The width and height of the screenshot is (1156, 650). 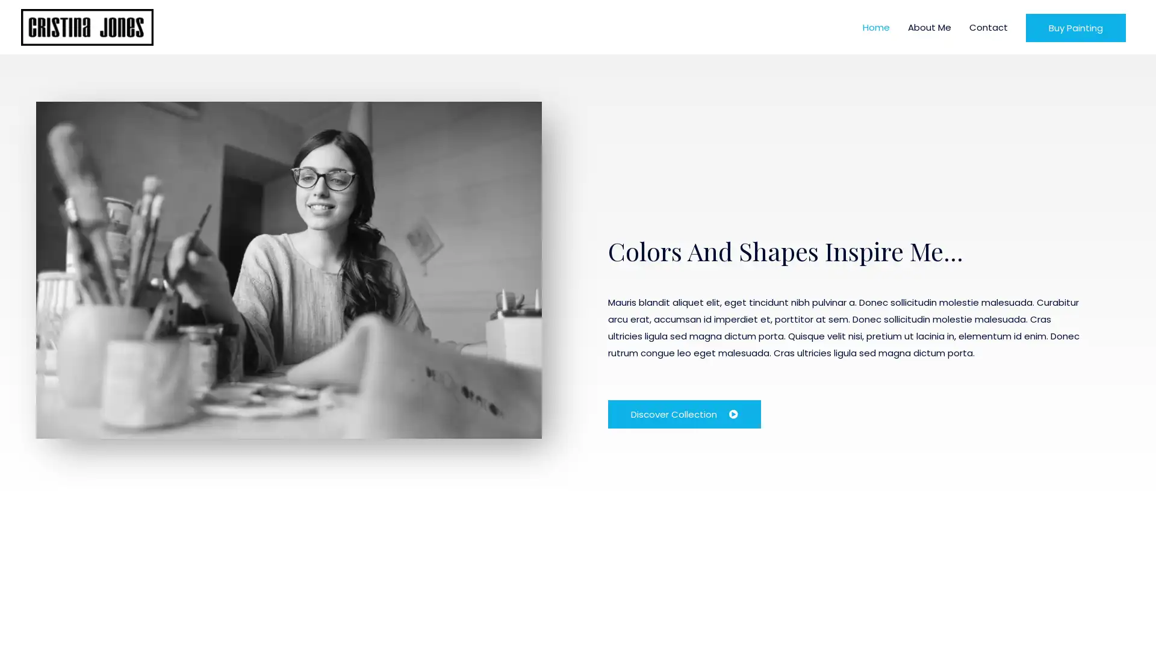 What do you see at coordinates (685, 413) in the screenshot?
I see `Discover Collection` at bounding box center [685, 413].